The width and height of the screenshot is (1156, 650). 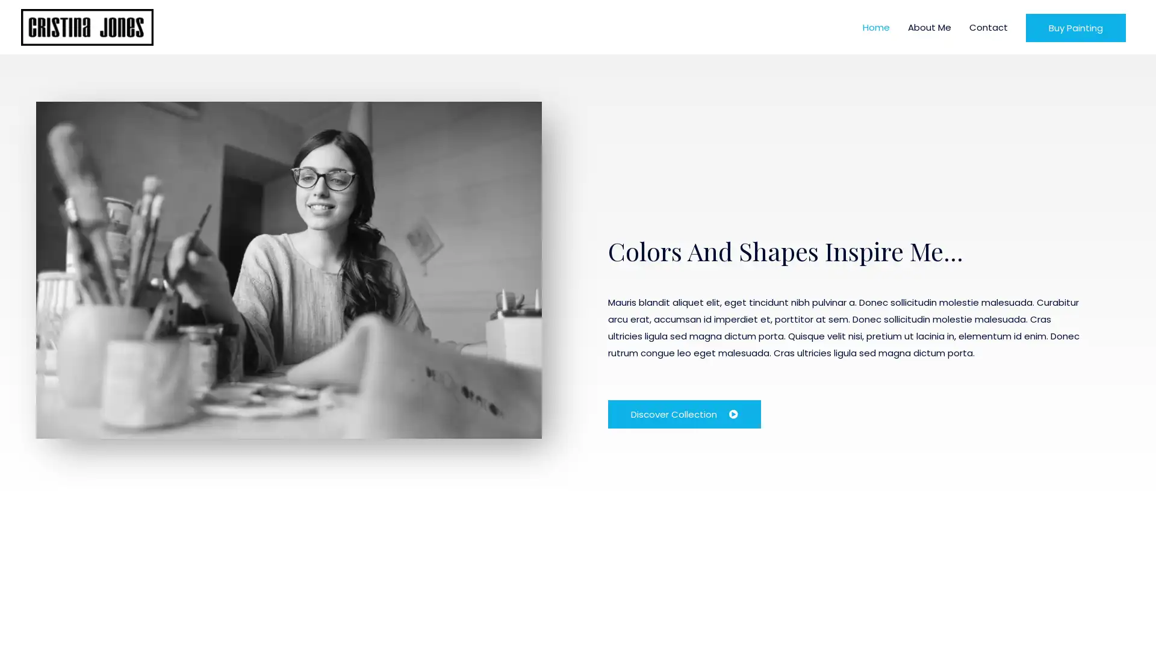 What do you see at coordinates (685, 413) in the screenshot?
I see `Discover Collection` at bounding box center [685, 413].